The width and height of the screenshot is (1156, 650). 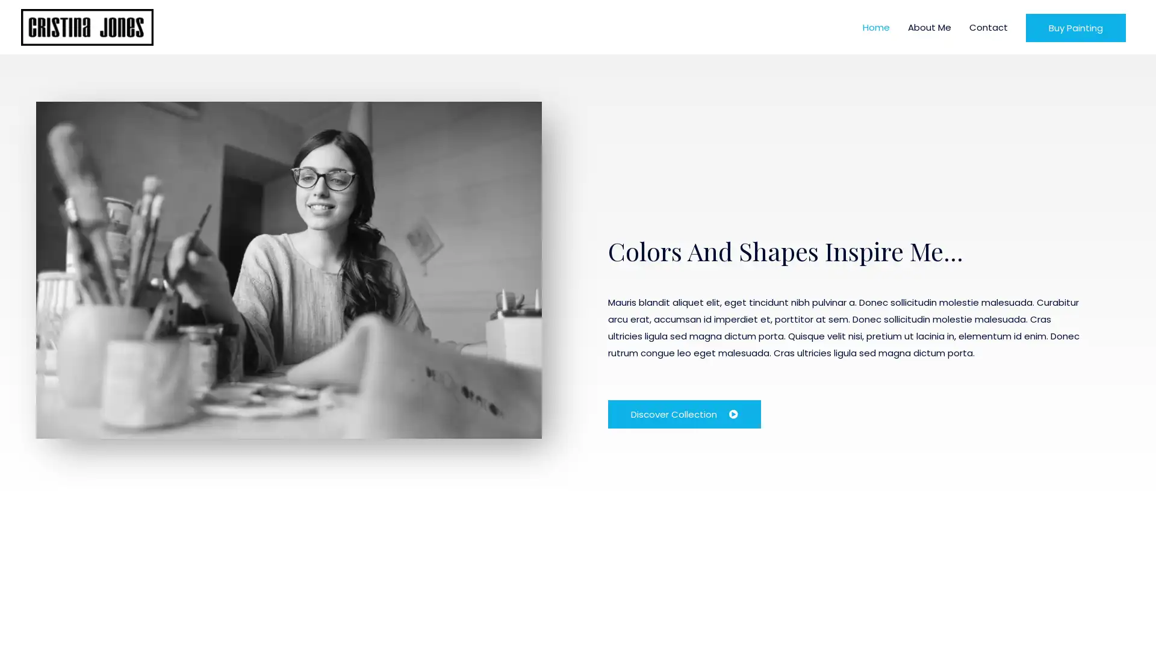 What do you see at coordinates (685, 413) in the screenshot?
I see `Discover Collection` at bounding box center [685, 413].